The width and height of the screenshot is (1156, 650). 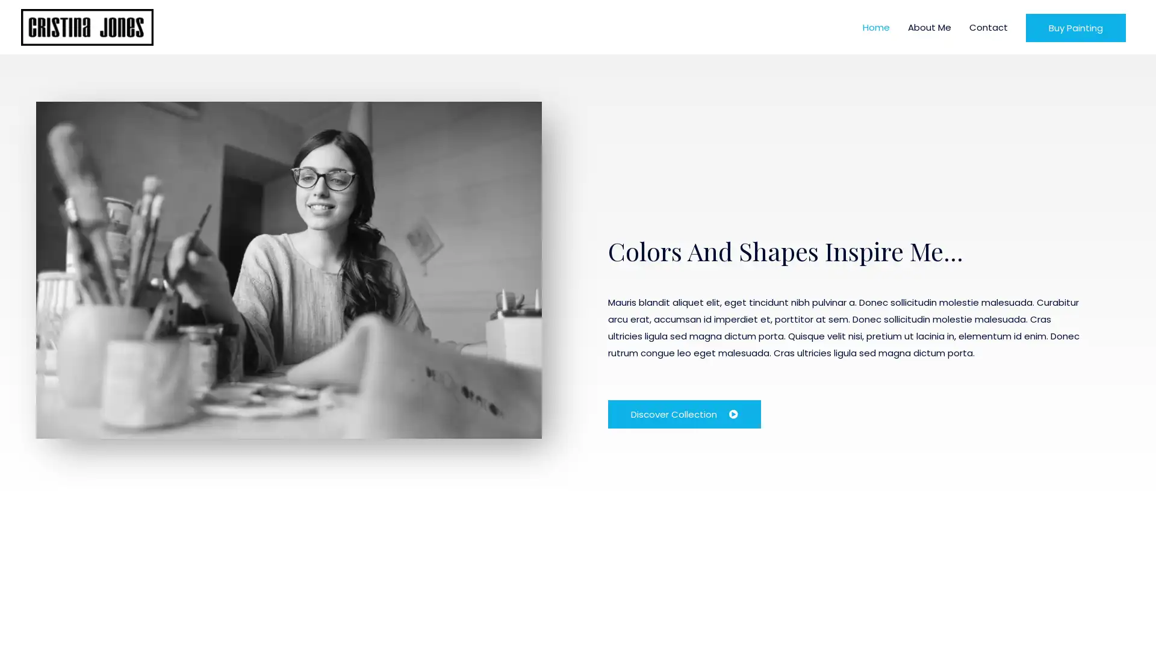 What do you see at coordinates (685, 413) in the screenshot?
I see `Discover Collection` at bounding box center [685, 413].